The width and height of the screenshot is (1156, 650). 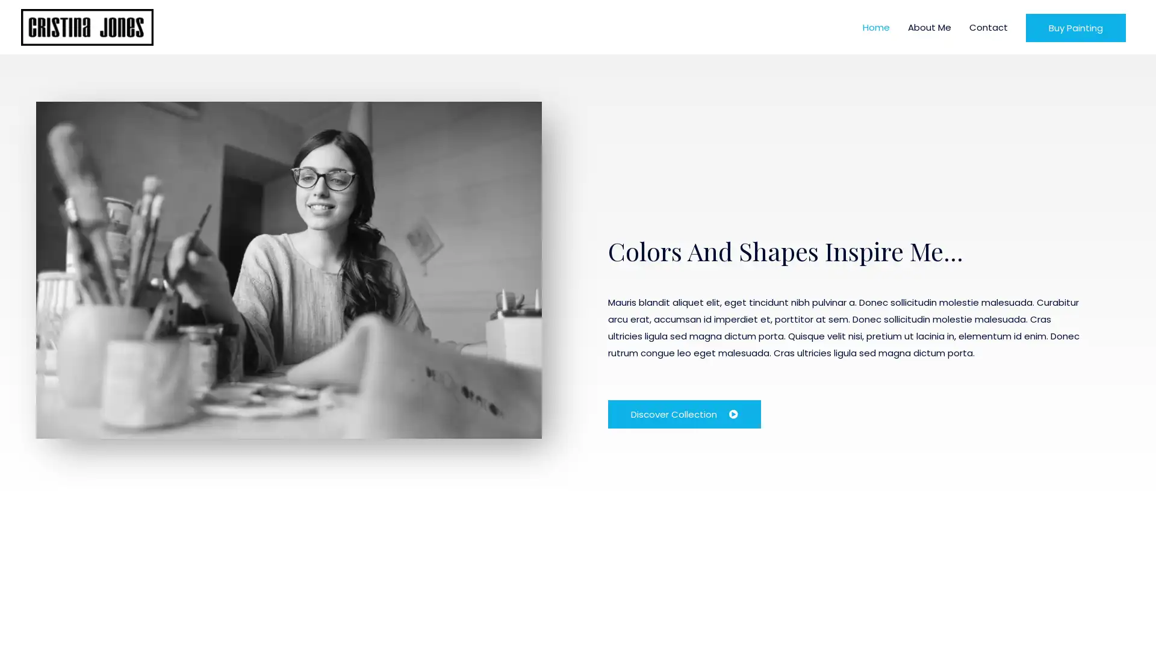 What do you see at coordinates (685, 413) in the screenshot?
I see `Discover Collection` at bounding box center [685, 413].